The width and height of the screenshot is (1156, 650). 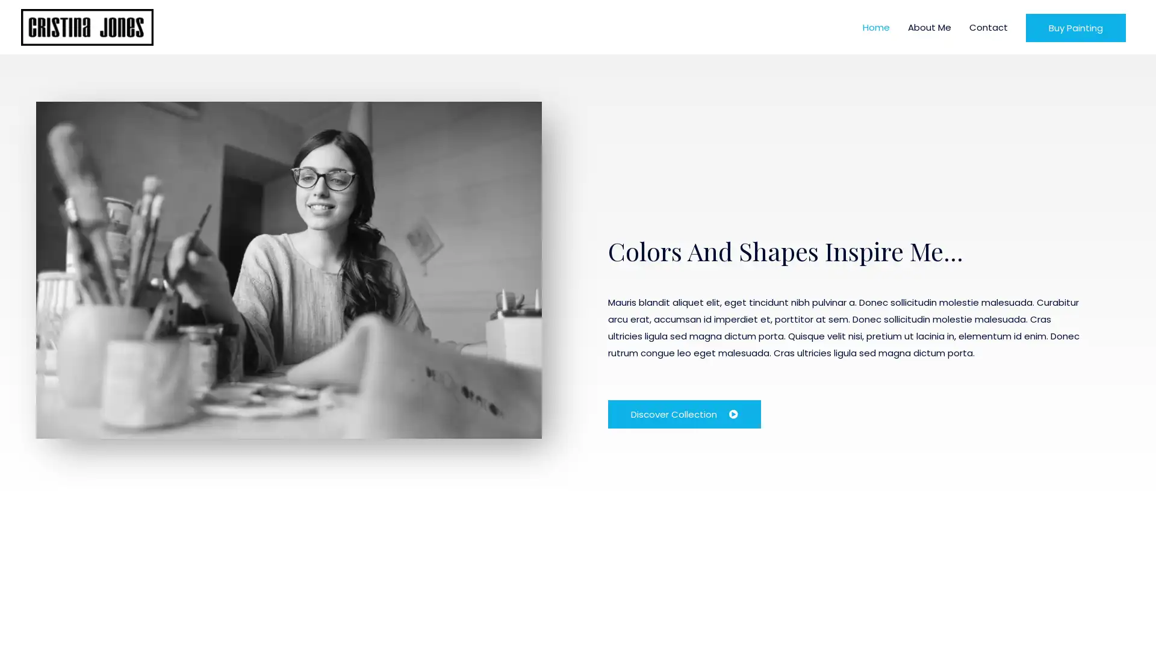 What do you see at coordinates (685, 413) in the screenshot?
I see `Discover Collection` at bounding box center [685, 413].